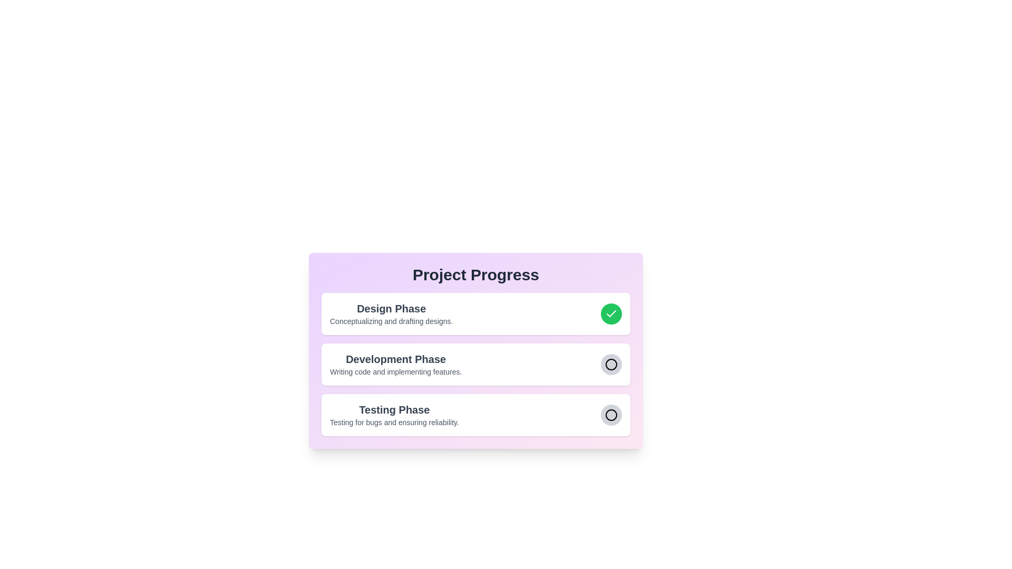 This screenshot has width=1012, height=569. Describe the element at coordinates (475, 274) in the screenshot. I see `the heading text element displaying 'Project Progress', which is styled with a bold font, large size, and is positioned at the top center of the project progress card` at that location.